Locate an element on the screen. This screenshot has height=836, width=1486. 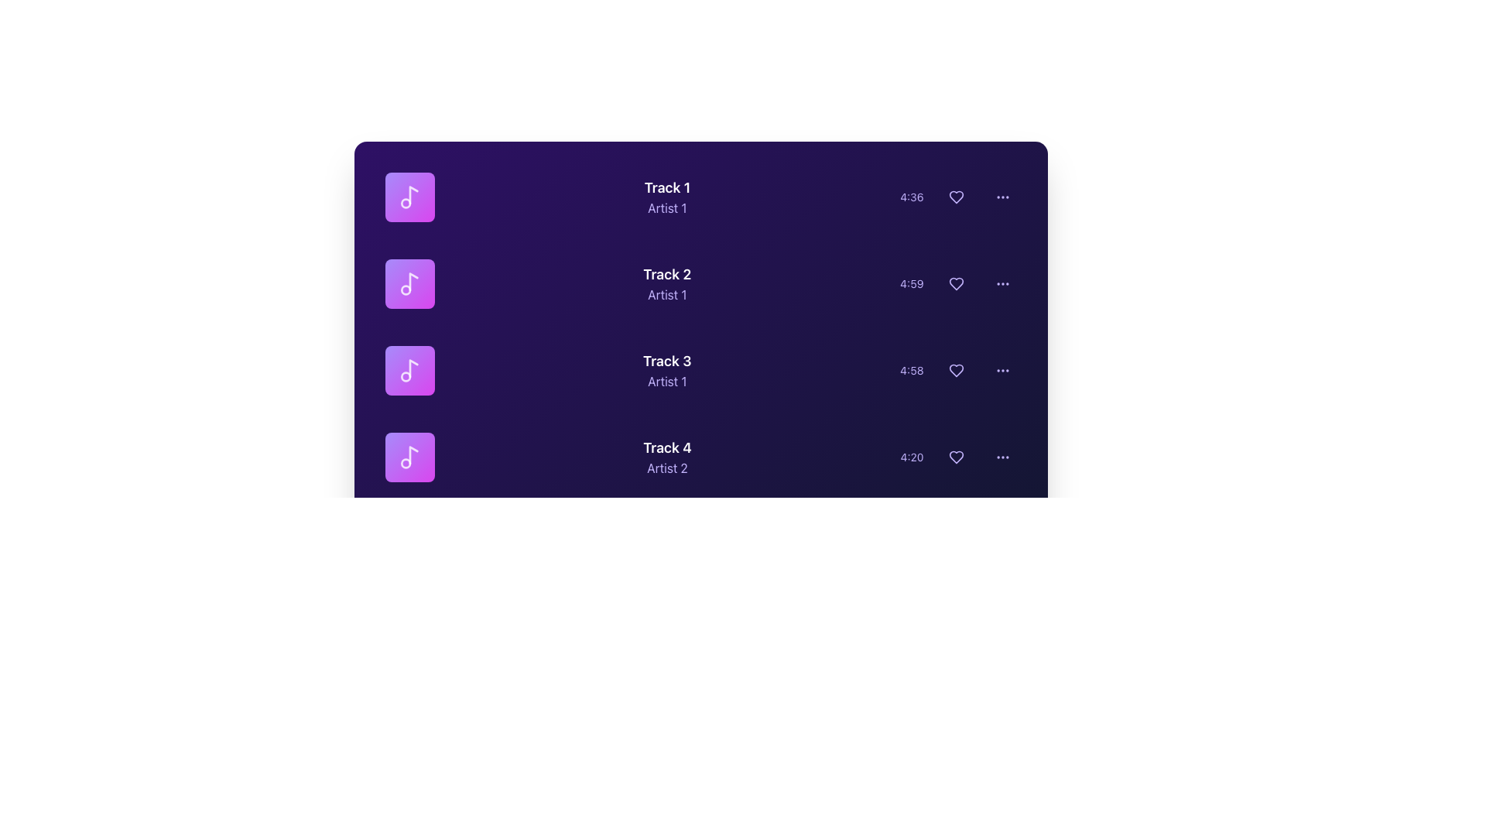
the small triangular vector graphic representing directional flow, located inside the second music note icon rectangle from the top in the leftmost column of the interface is located at coordinates (410, 283).